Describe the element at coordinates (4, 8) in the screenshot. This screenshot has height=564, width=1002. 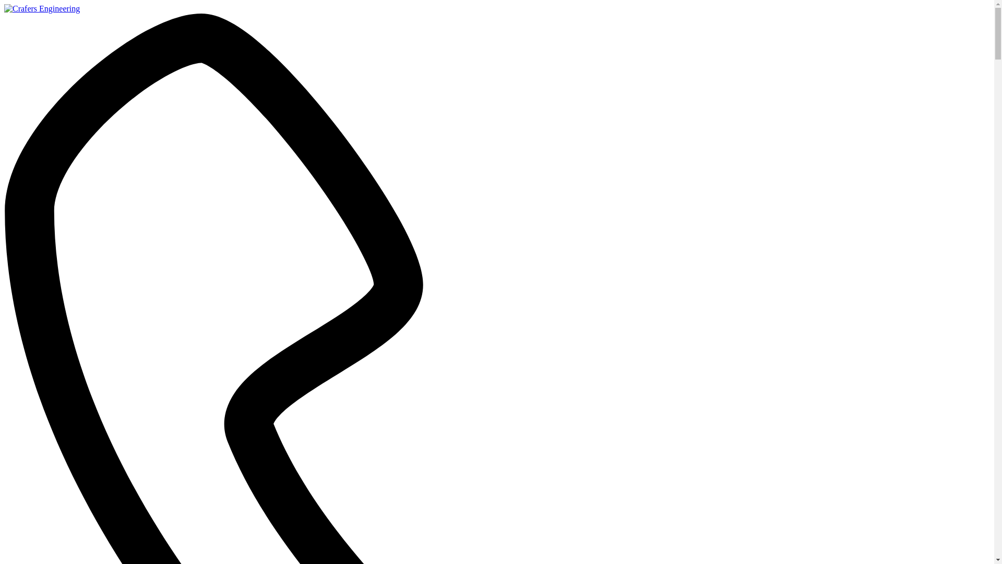
I see `'Crafers Engineering'` at that location.